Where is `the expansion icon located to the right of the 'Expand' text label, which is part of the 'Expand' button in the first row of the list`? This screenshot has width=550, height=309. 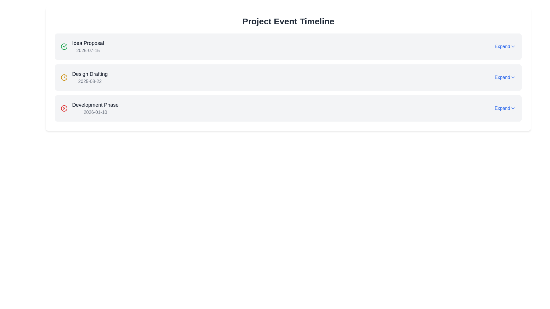 the expansion icon located to the right of the 'Expand' text label, which is part of the 'Expand' button in the first row of the list is located at coordinates (513, 46).